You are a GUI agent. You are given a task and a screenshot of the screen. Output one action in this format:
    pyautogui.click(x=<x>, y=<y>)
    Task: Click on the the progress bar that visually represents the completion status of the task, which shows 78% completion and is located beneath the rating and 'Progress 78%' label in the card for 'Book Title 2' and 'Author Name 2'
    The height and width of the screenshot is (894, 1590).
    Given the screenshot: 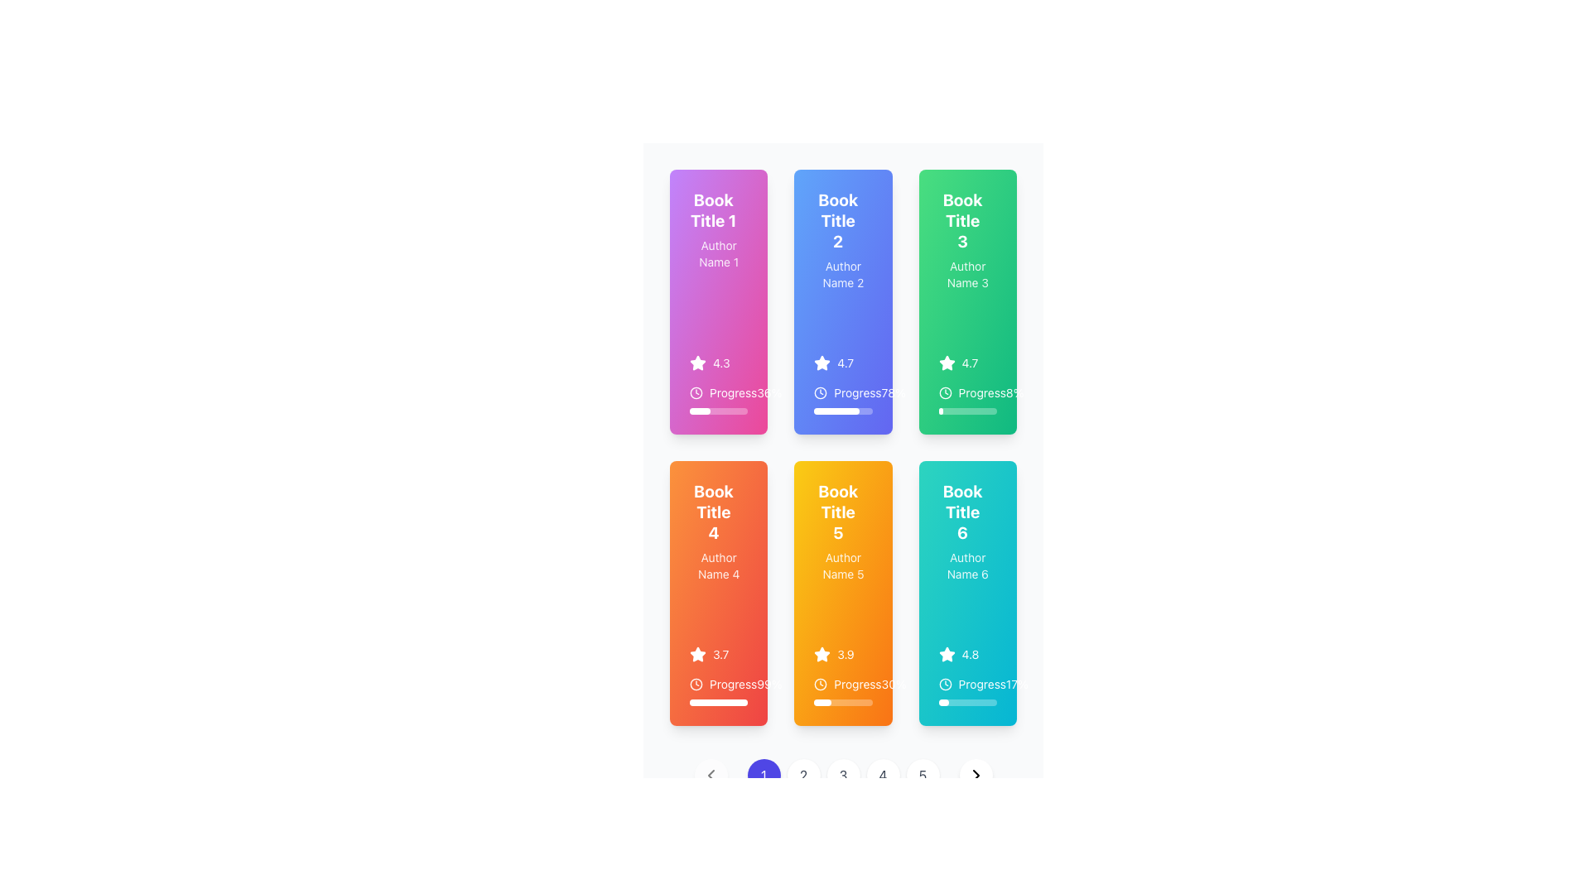 What is the action you would take?
    pyautogui.click(x=843, y=411)
    